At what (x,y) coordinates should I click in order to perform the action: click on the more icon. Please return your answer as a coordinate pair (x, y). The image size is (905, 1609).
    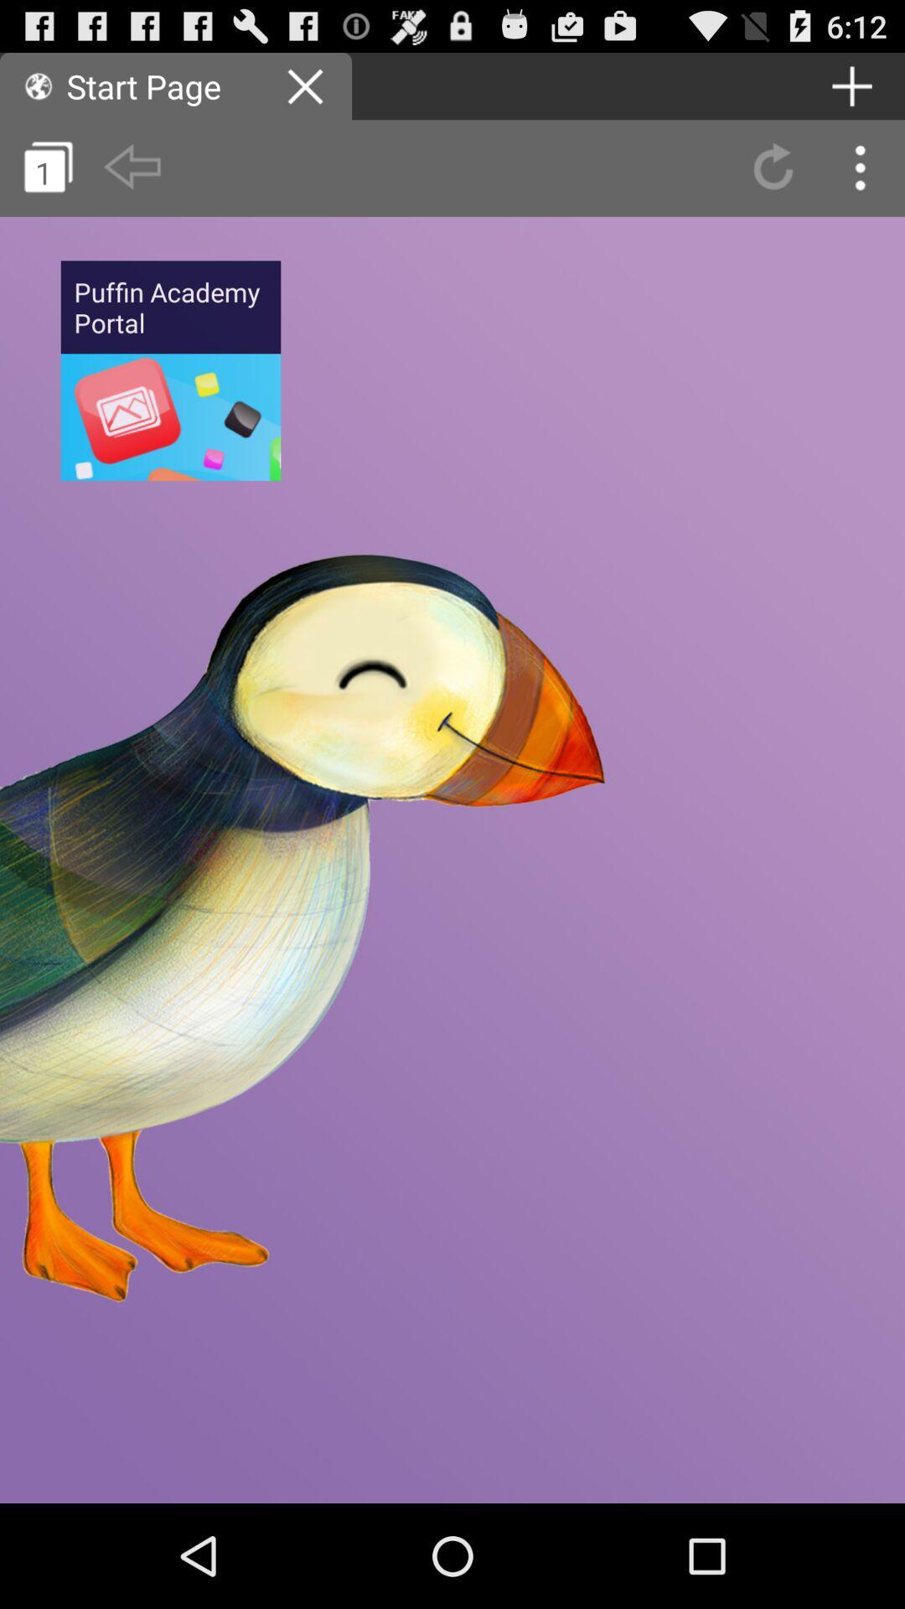
    Looking at the image, I should click on (861, 180).